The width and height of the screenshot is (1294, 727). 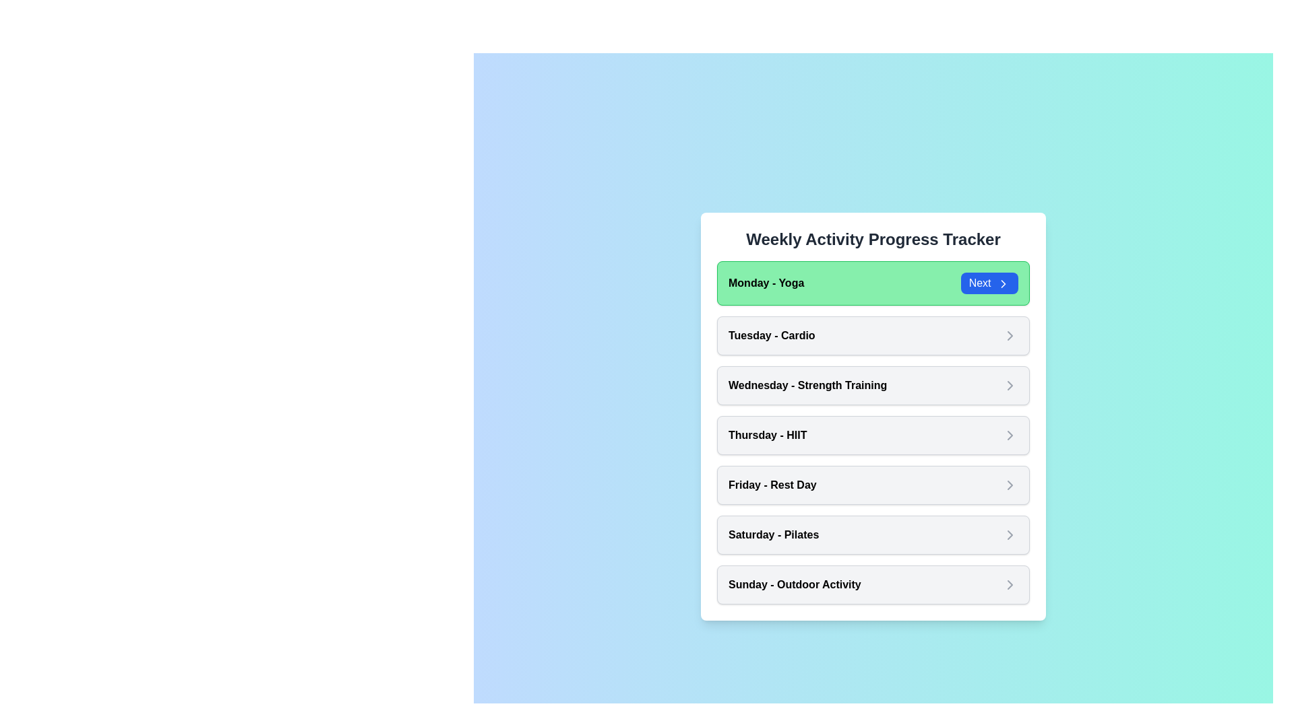 I want to click on the text label for the second item in the list of days, which identifies the associated activity, positioned between 'Monday - Yoga' and 'Wednesday - Strength Training', so click(x=772, y=335).